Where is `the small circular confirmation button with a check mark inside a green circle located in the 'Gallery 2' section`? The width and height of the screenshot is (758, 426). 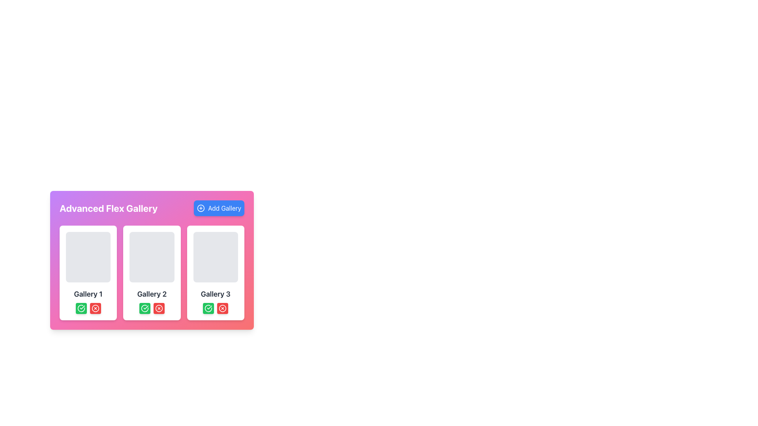 the small circular confirmation button with a check mark inside a green circle located in the 'Gallery 2' section is located at coordinates (144, 308).